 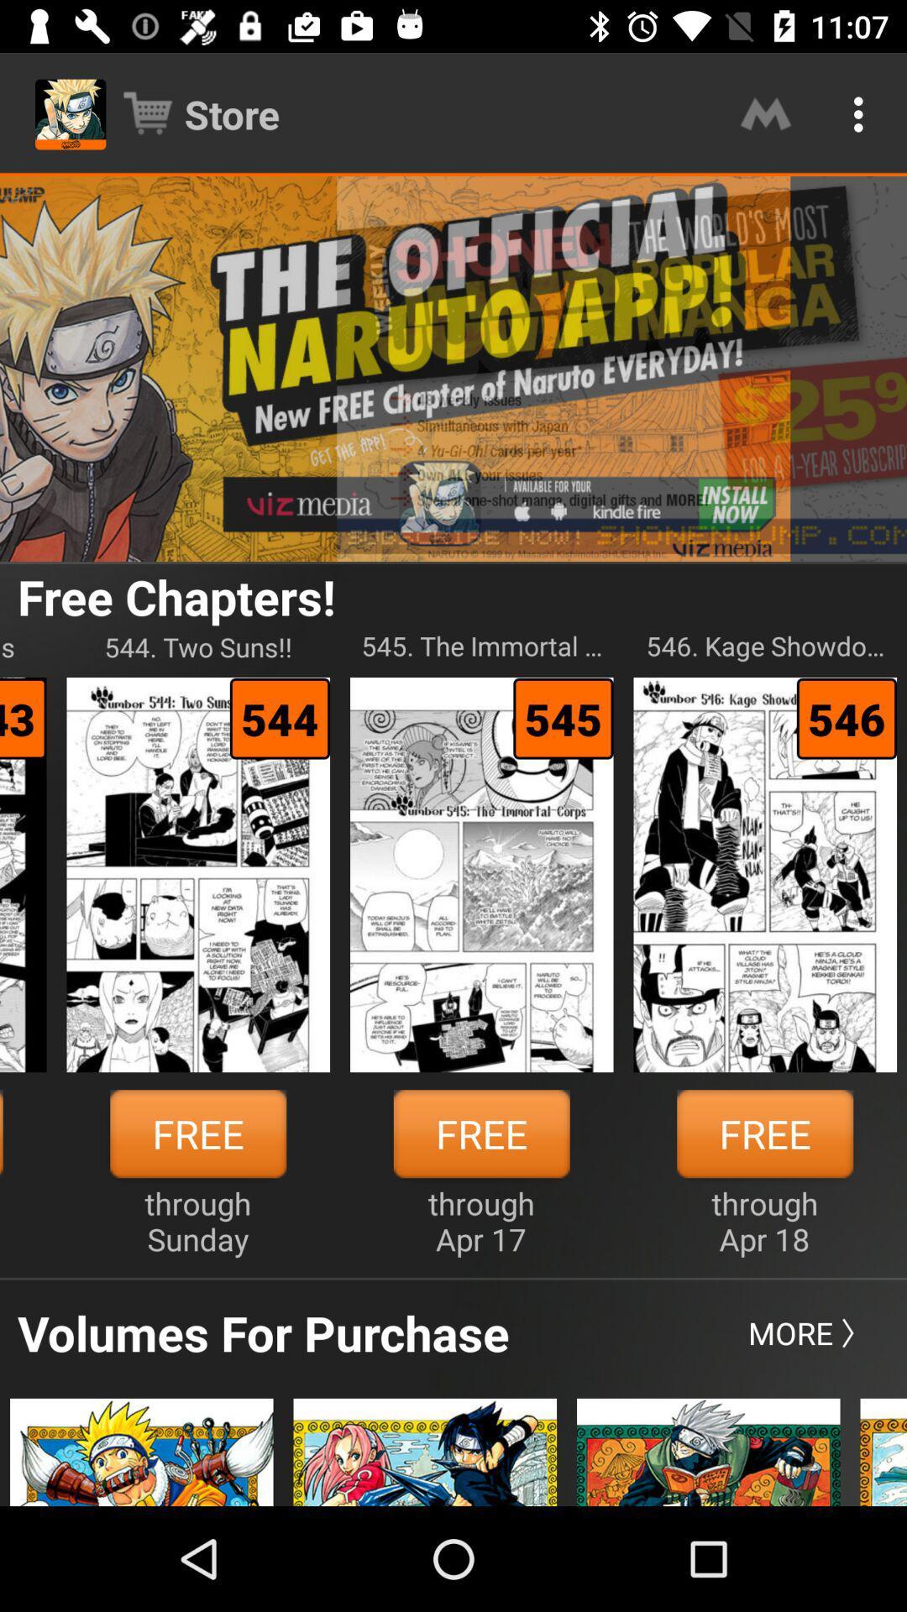 What do you see at coordinates (765, 646) in the screenshot?
I see `546. kage showdown!! icon` at bounding box center [765, 646].